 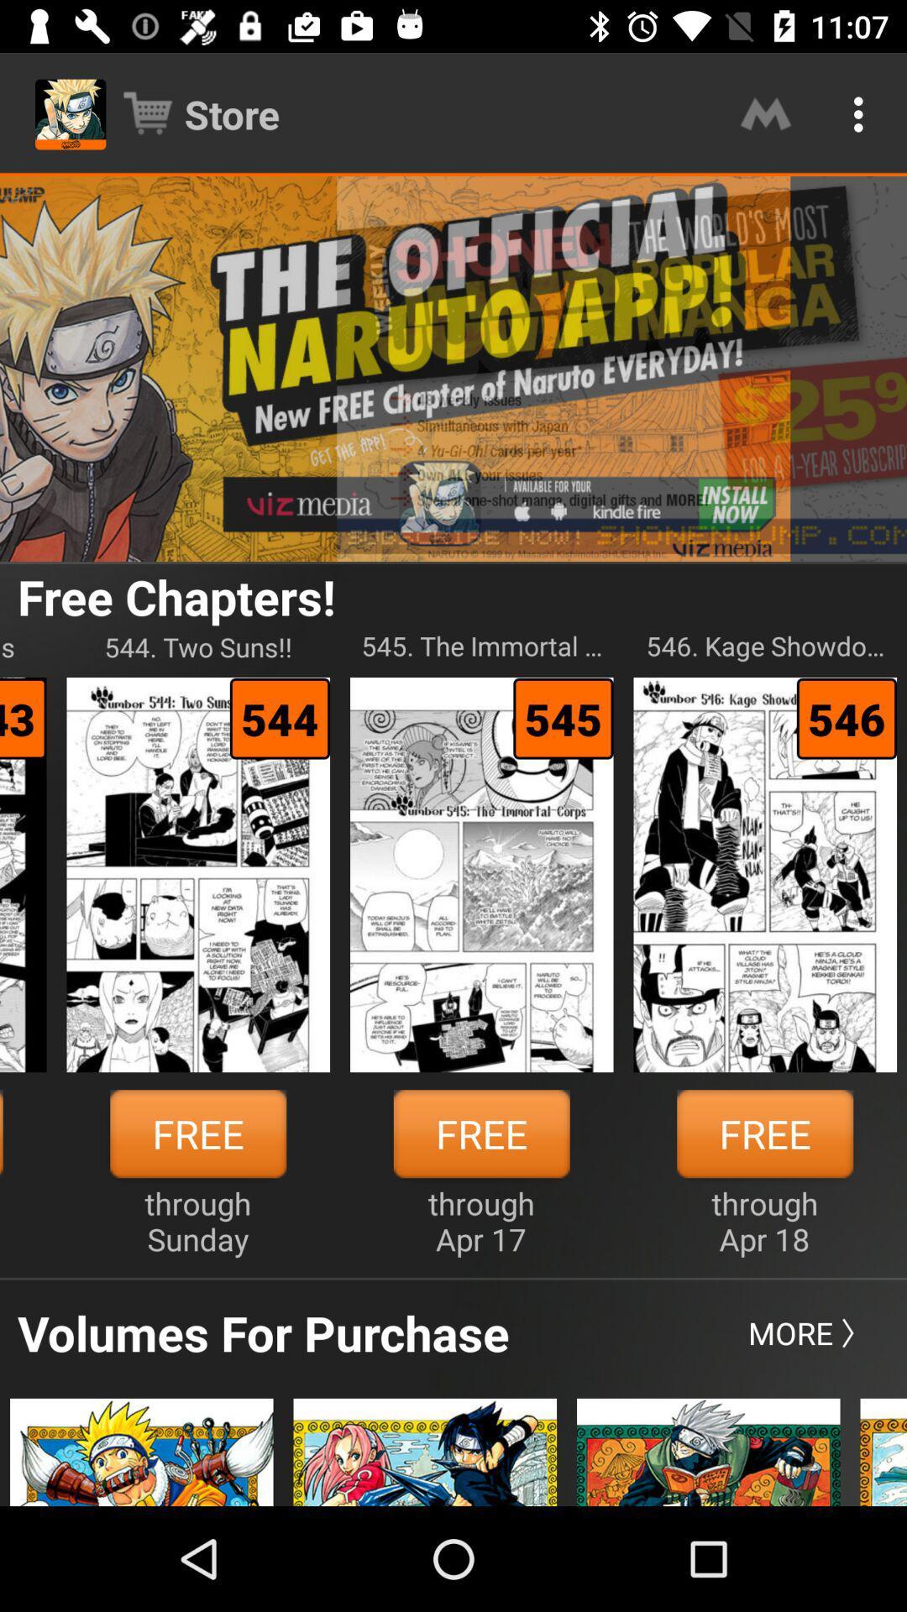 What do you see at coordinates (765, 646) in the screenshot?
I see `546. kage showdown!! icon` at bounding box center [765, 646].